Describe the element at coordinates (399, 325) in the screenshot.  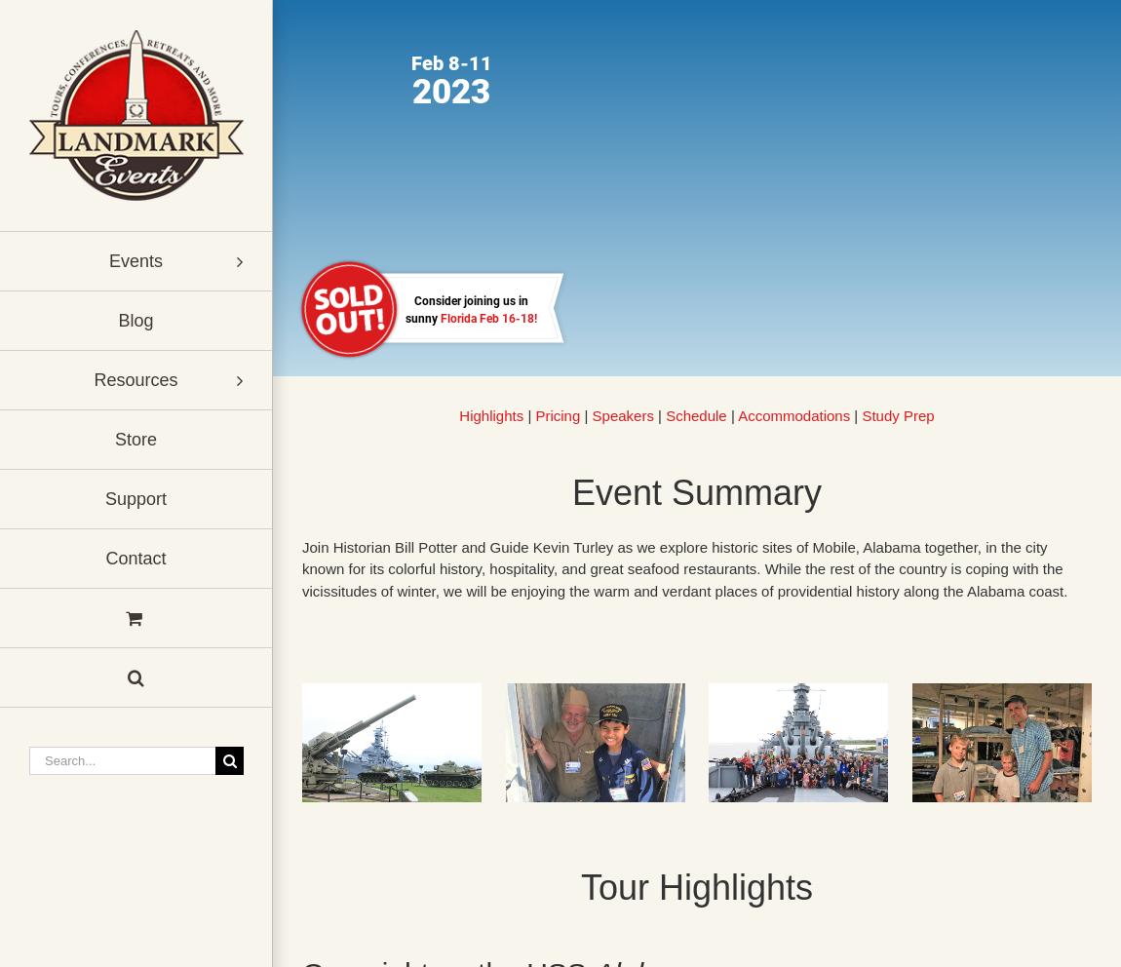
I see `'(Feb 15-17, 2024)'` at that location.